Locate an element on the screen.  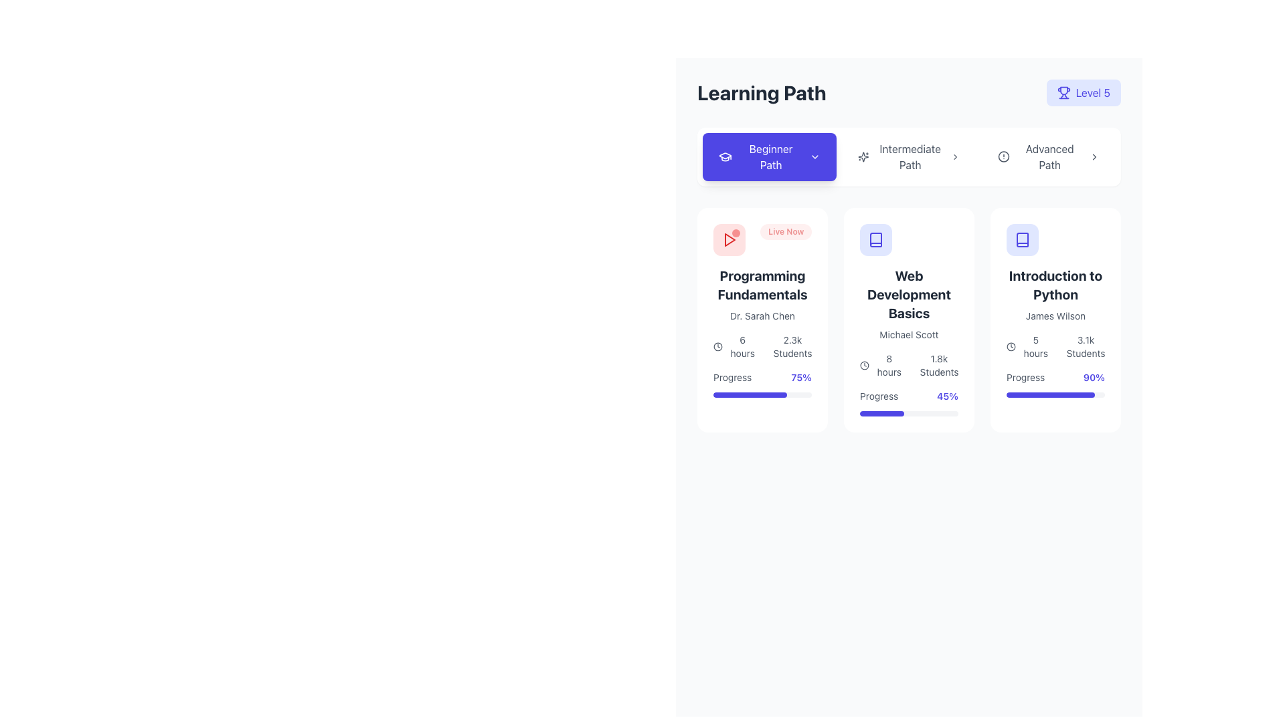
progress percentage text label for the course 'Introduction to Python', which is located at the bottom right corner of its card next to the 'Progress' label is located at coordinates (1094, 377).